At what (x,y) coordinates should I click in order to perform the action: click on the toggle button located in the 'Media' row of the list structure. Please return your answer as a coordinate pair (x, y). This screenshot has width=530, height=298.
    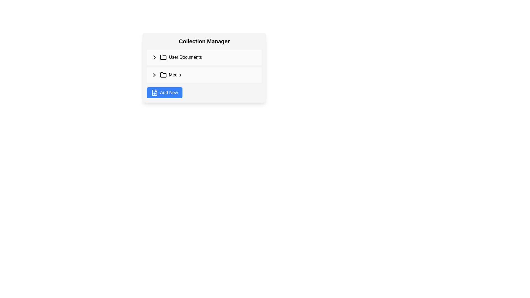
    Looking at the image, I should click on (155, 75).